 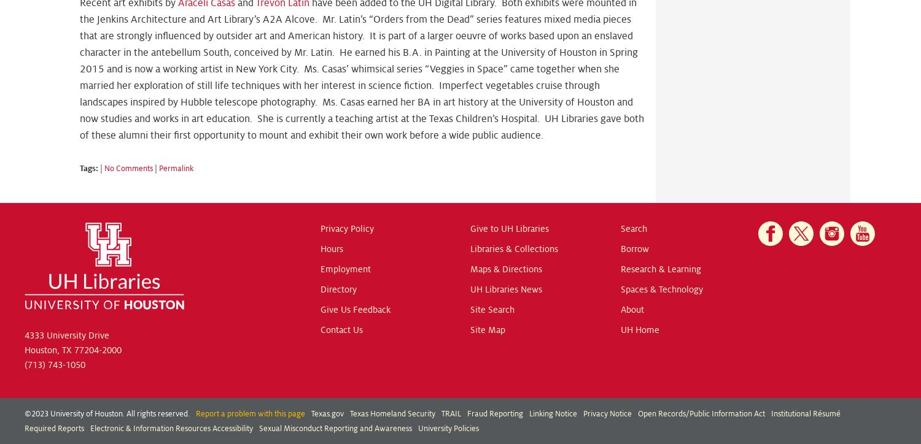 What do you see at coordinates (633, 229) in the screenshot?
I see `'Search'` at bounding box center [633, 229].